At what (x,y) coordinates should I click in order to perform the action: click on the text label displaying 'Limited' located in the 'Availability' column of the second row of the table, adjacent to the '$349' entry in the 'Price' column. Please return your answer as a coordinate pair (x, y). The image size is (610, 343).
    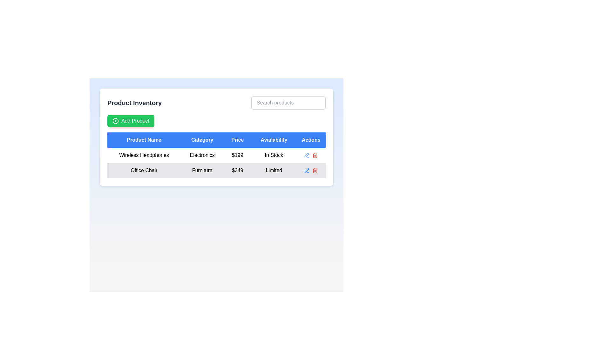
    Looking at the image, I should click on (274, 170).